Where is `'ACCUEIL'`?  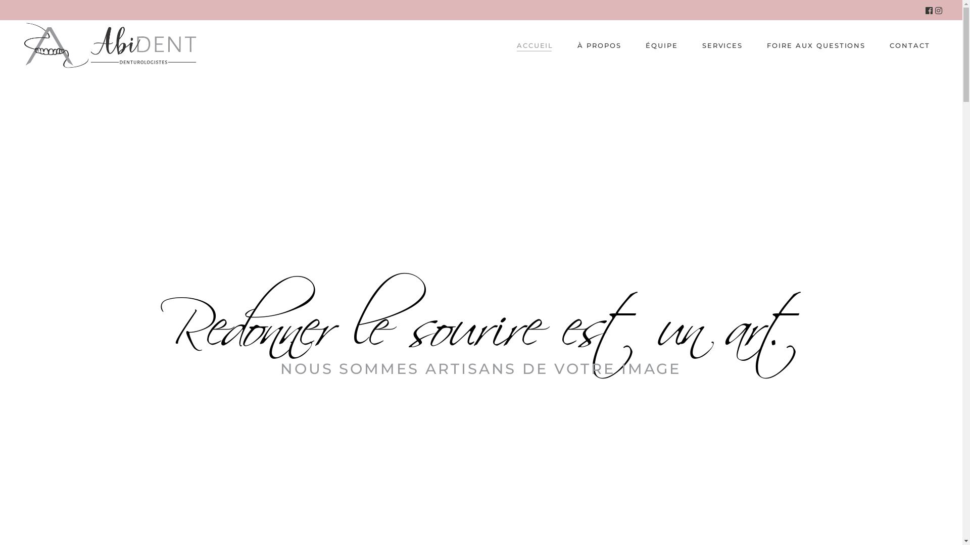 'ACCUEIL' is located at coordinates (535, 44).